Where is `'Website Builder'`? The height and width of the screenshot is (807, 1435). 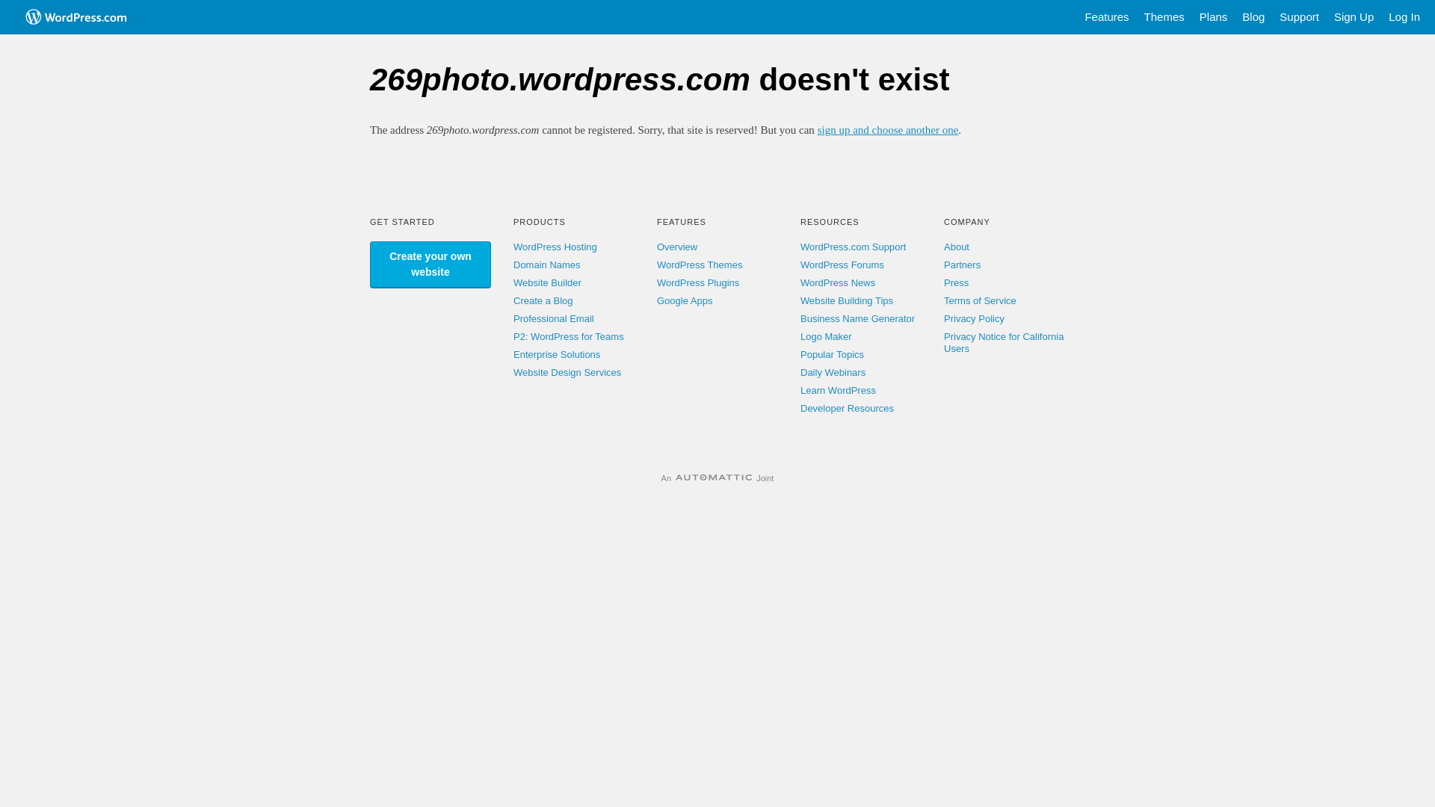
'Website Builder' is located at coordinates (546, 282).